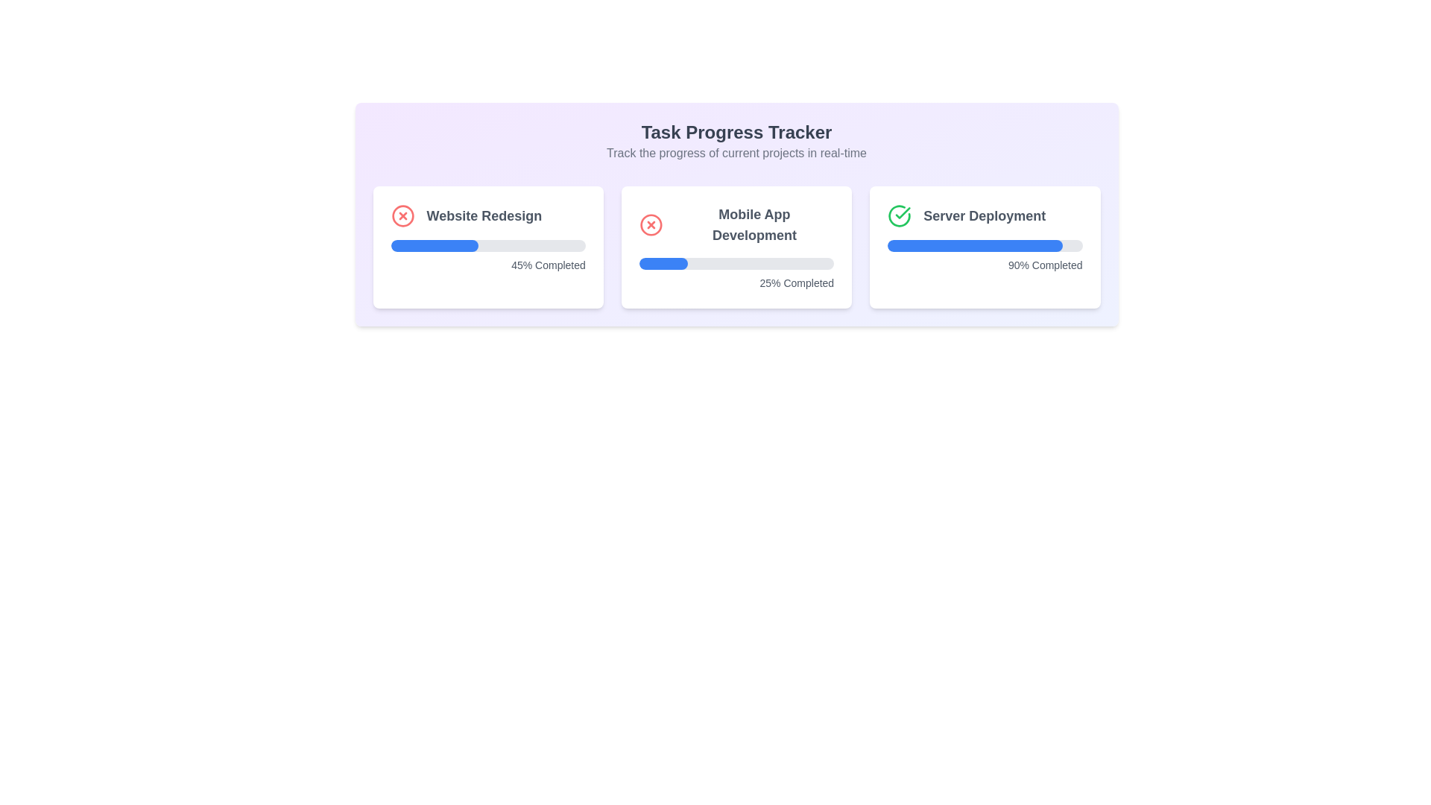 Image resolution: width=1431 pixels, height=805 pixels. Describe the element at coordinates (663, 263) in the screenshot. I see `the Progress Bar Segment representing 25% completion of 'Mobile App Development'` at that location.